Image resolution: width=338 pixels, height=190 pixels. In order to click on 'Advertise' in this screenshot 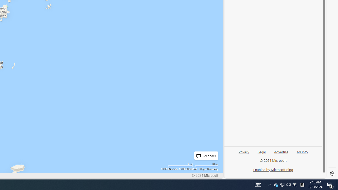, I will do `click(281, 151)`.